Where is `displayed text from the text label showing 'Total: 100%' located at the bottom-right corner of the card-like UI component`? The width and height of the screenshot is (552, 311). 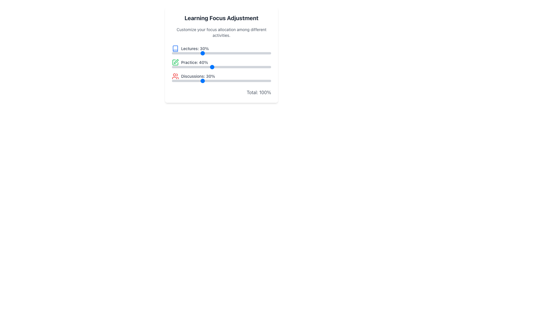 displayed text from the text label showing 'Total: 100%' located at the bottom-right corner of the card-like UI component is located at coordinates (258, 92).